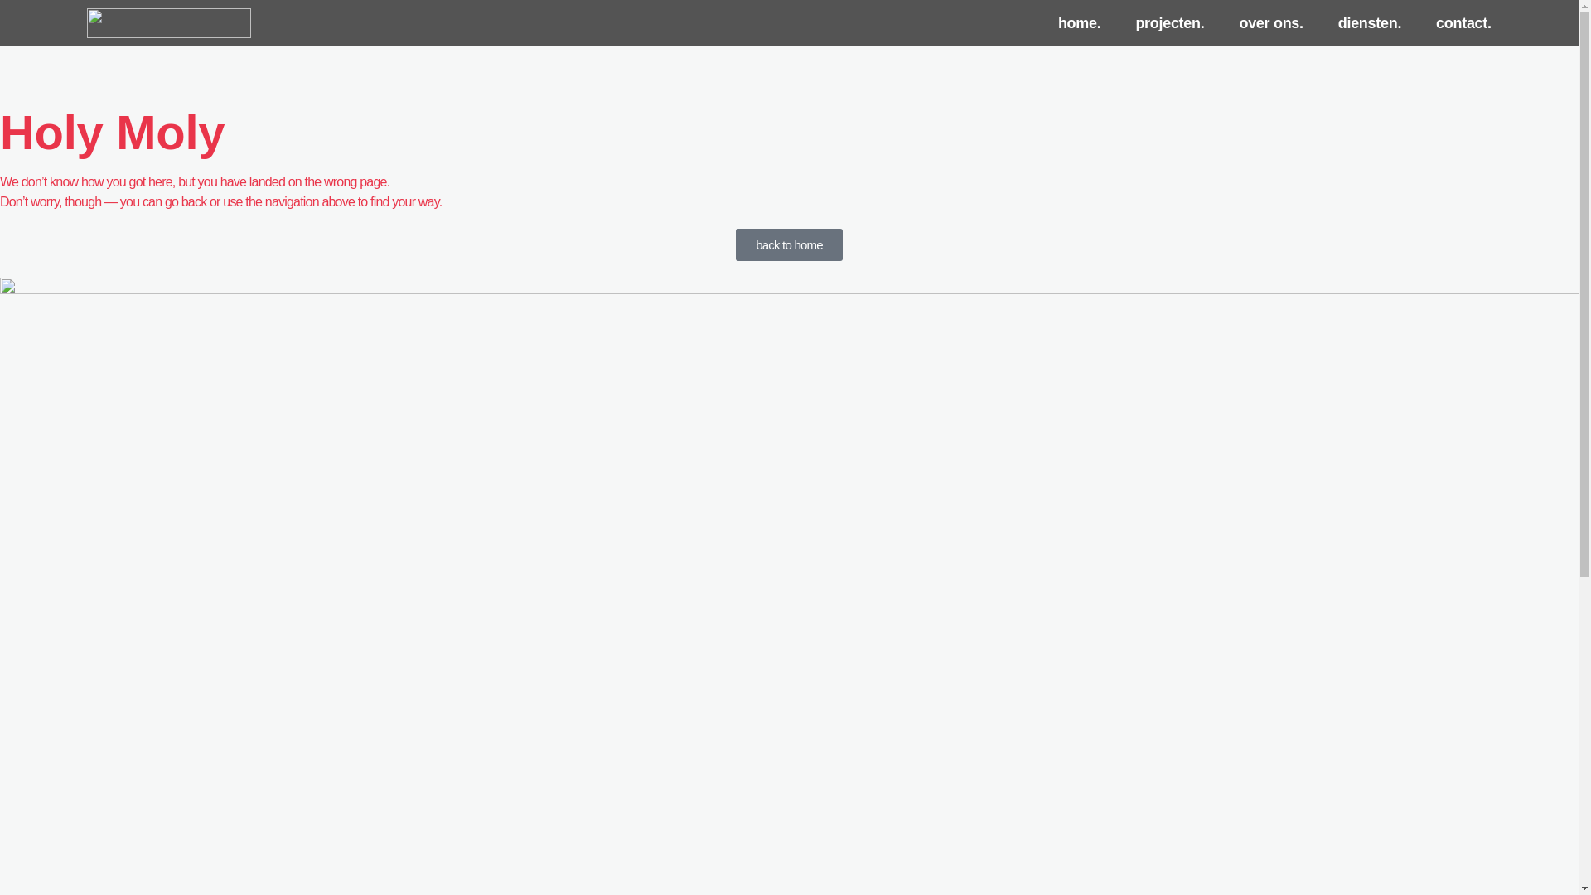  I want to click on 'home.', so click(1079, 22).